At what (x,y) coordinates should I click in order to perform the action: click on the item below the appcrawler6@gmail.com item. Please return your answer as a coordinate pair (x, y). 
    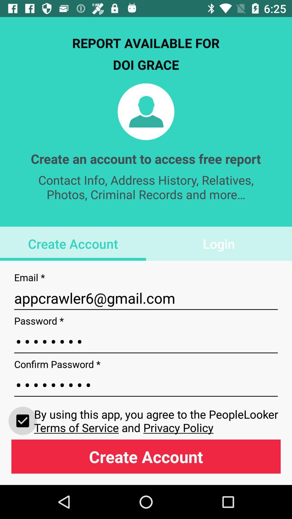
    Looking at the image, I should click on (146, 341).